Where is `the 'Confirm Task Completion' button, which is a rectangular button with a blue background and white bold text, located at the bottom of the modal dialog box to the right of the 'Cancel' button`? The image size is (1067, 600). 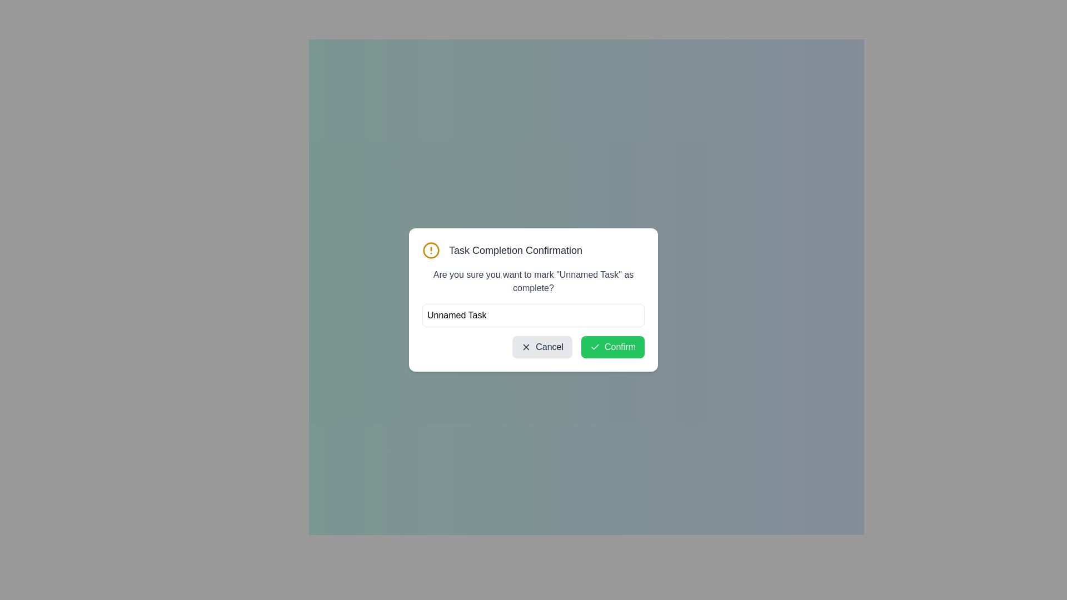 the 'Confirm Task Completion' button, which is a rectangular button with a blue background and white bold text, located at the bottom of the modal dialog box to the right of the 'Cancel' button is located at coordinates (586, 338).